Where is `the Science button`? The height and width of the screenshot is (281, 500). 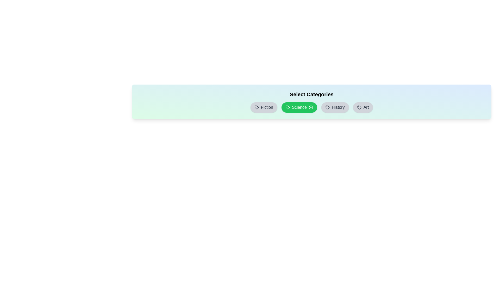 the Science button is located at coordinates (299, 107).